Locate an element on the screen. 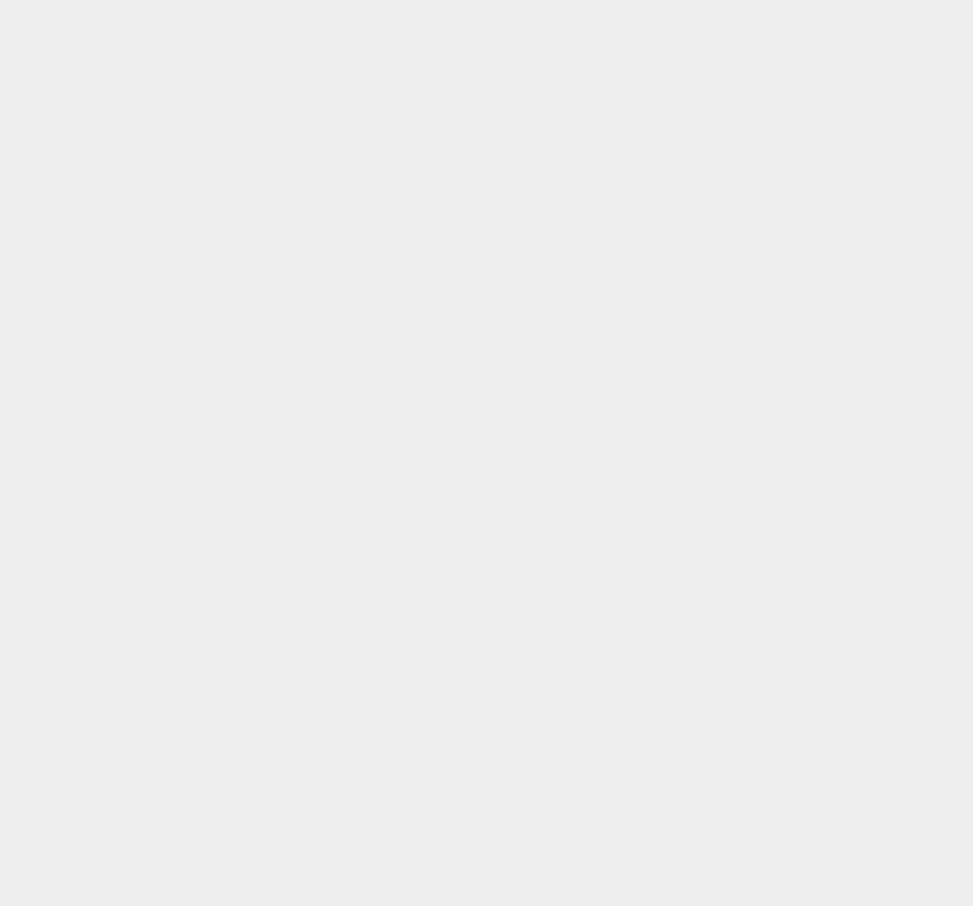 The height and width of the screenshot is (906, 973). 'Windows 8' is located at coordinates (715, 192).